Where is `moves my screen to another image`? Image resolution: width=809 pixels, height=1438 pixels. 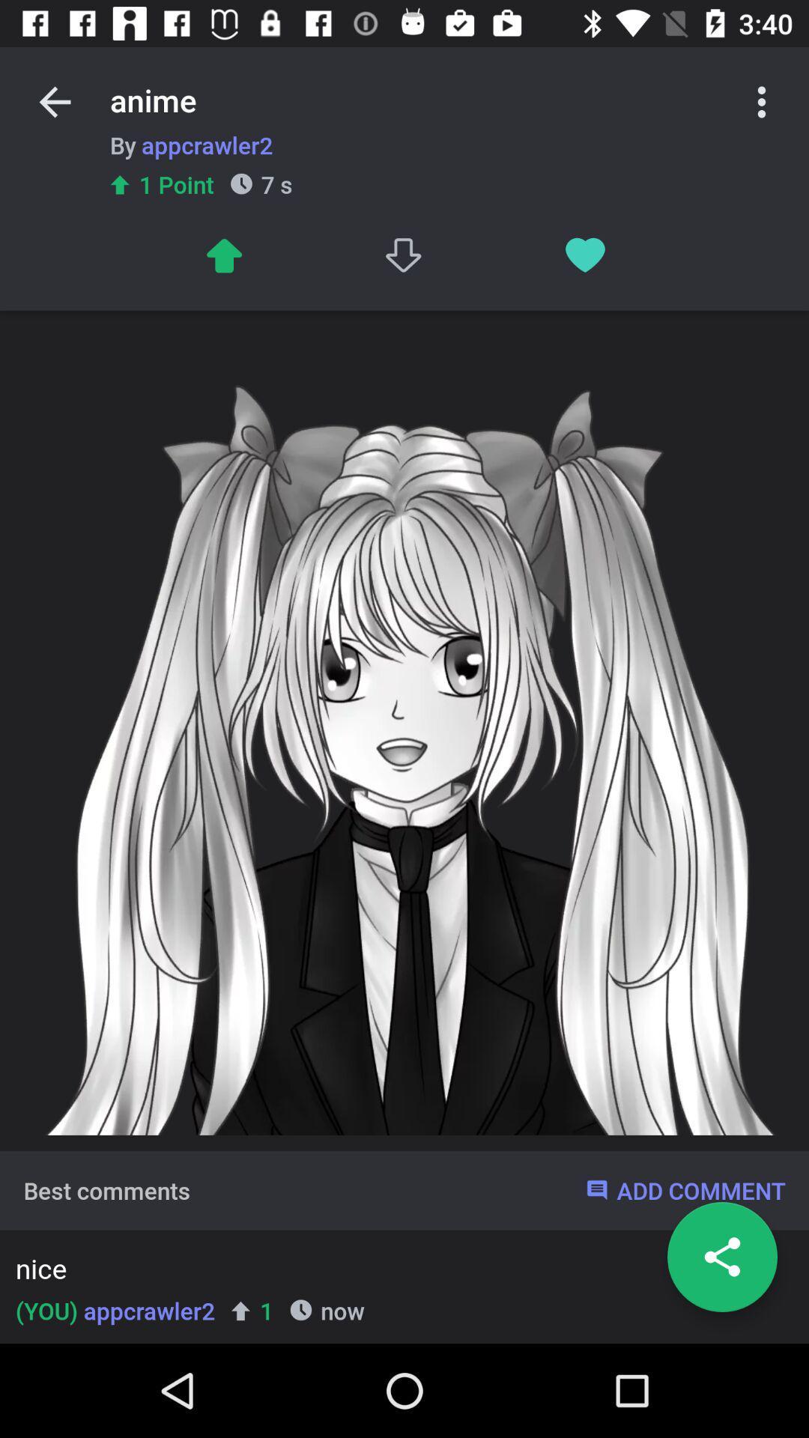
moves my screen to another image is located at coordinates (223, 255).